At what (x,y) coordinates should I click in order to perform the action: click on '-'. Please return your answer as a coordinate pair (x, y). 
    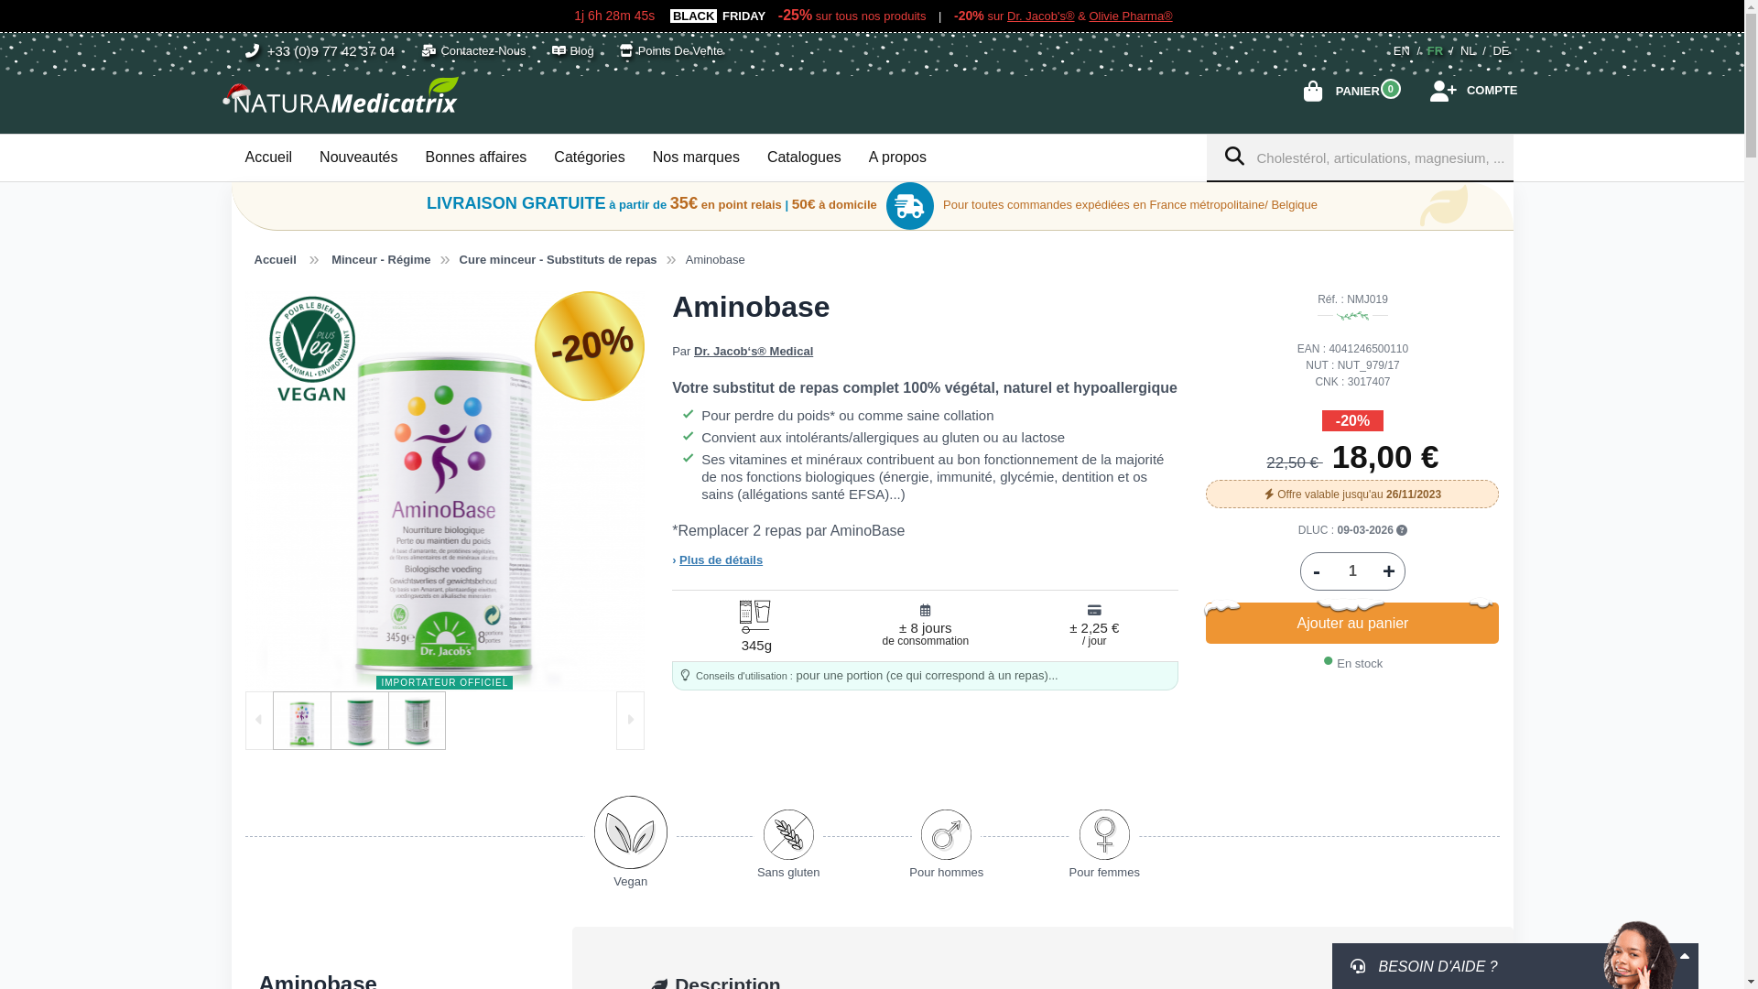
    Looking at the image, I should click on (1316, 571).